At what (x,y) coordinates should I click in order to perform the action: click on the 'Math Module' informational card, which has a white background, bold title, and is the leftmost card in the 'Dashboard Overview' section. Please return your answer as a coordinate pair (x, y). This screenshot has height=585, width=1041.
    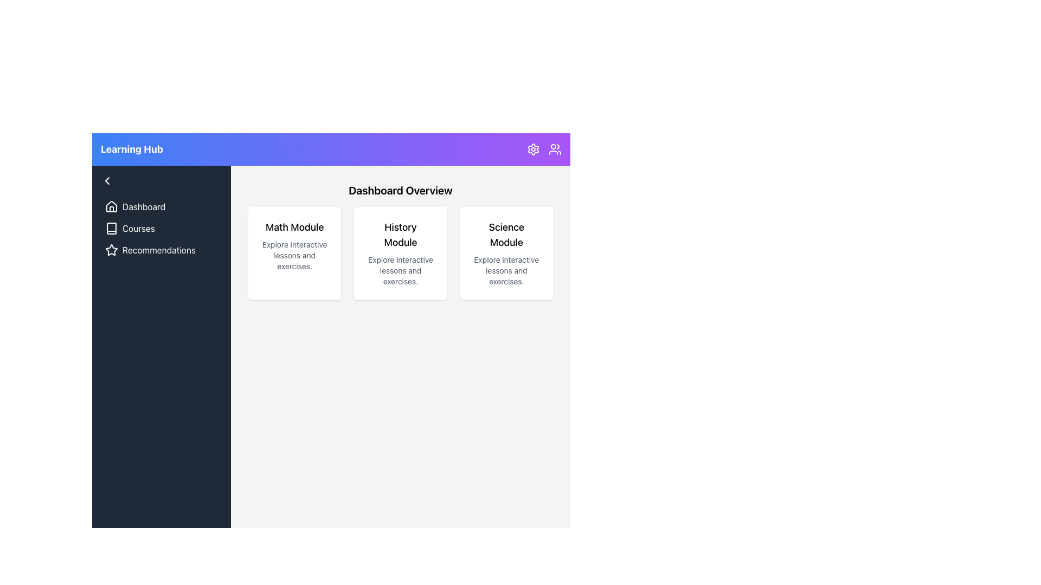
    Looking at the image, I should click on (294, 253).